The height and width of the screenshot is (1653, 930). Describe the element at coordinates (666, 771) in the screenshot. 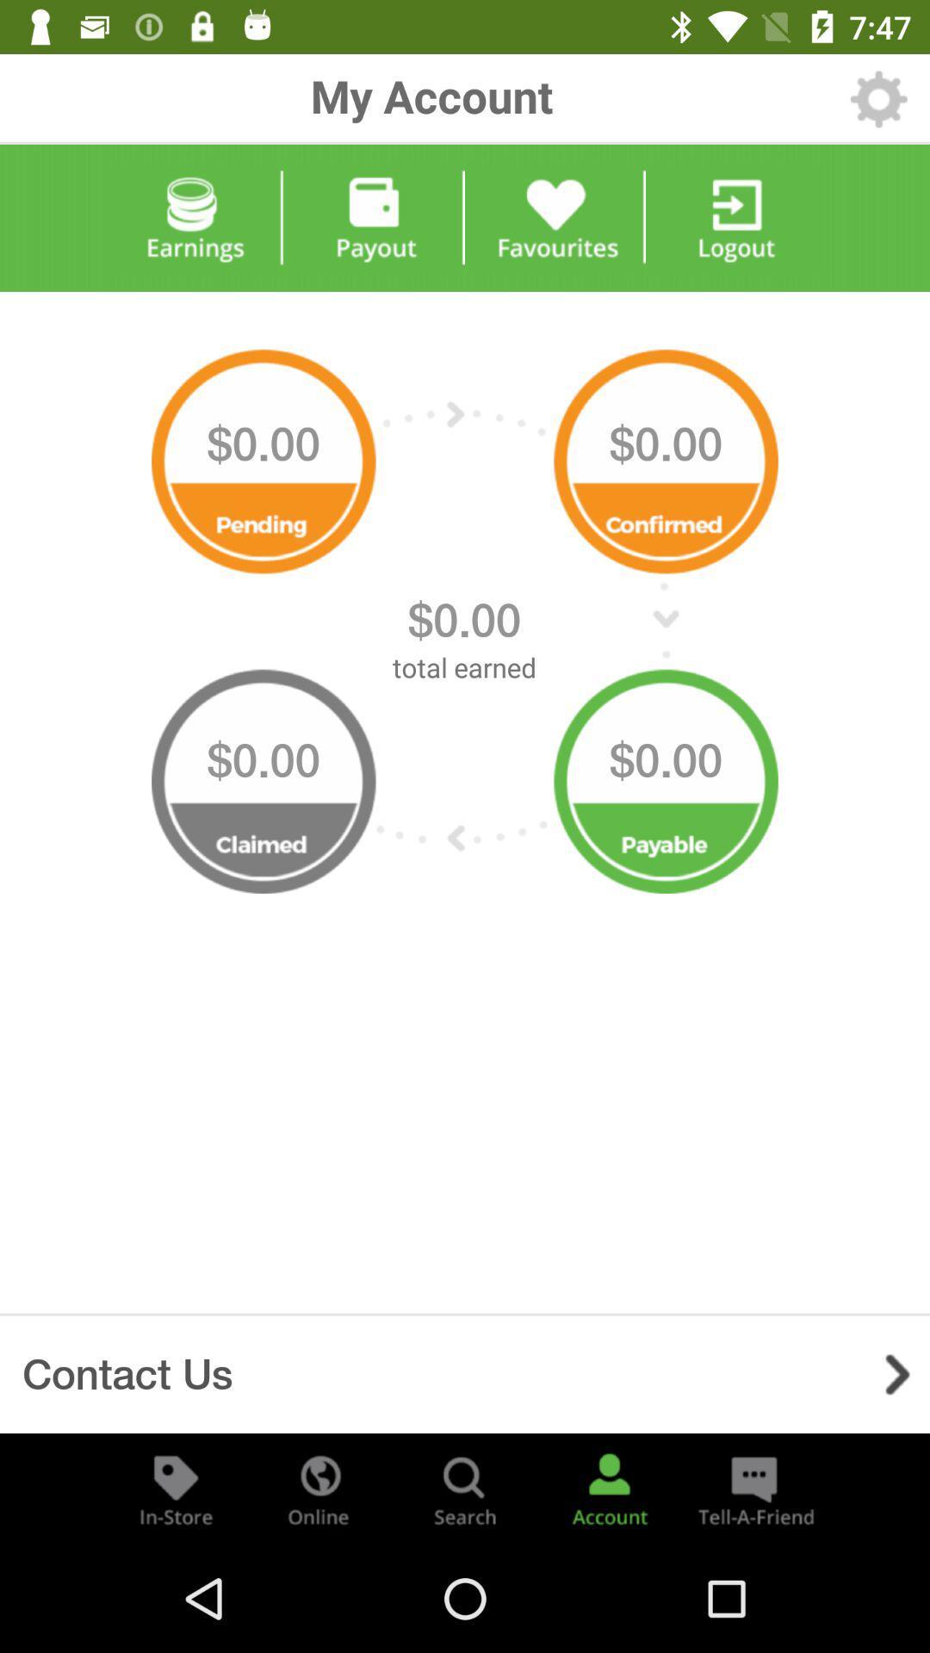

I see `the second image in second row` at that location.